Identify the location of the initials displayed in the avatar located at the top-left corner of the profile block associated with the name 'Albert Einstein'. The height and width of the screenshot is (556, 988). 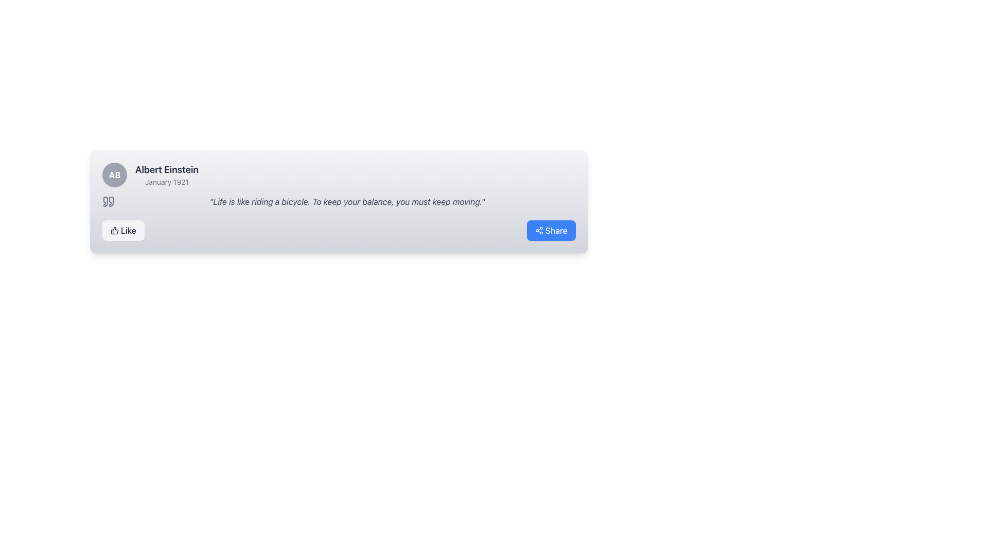
(114, 174).